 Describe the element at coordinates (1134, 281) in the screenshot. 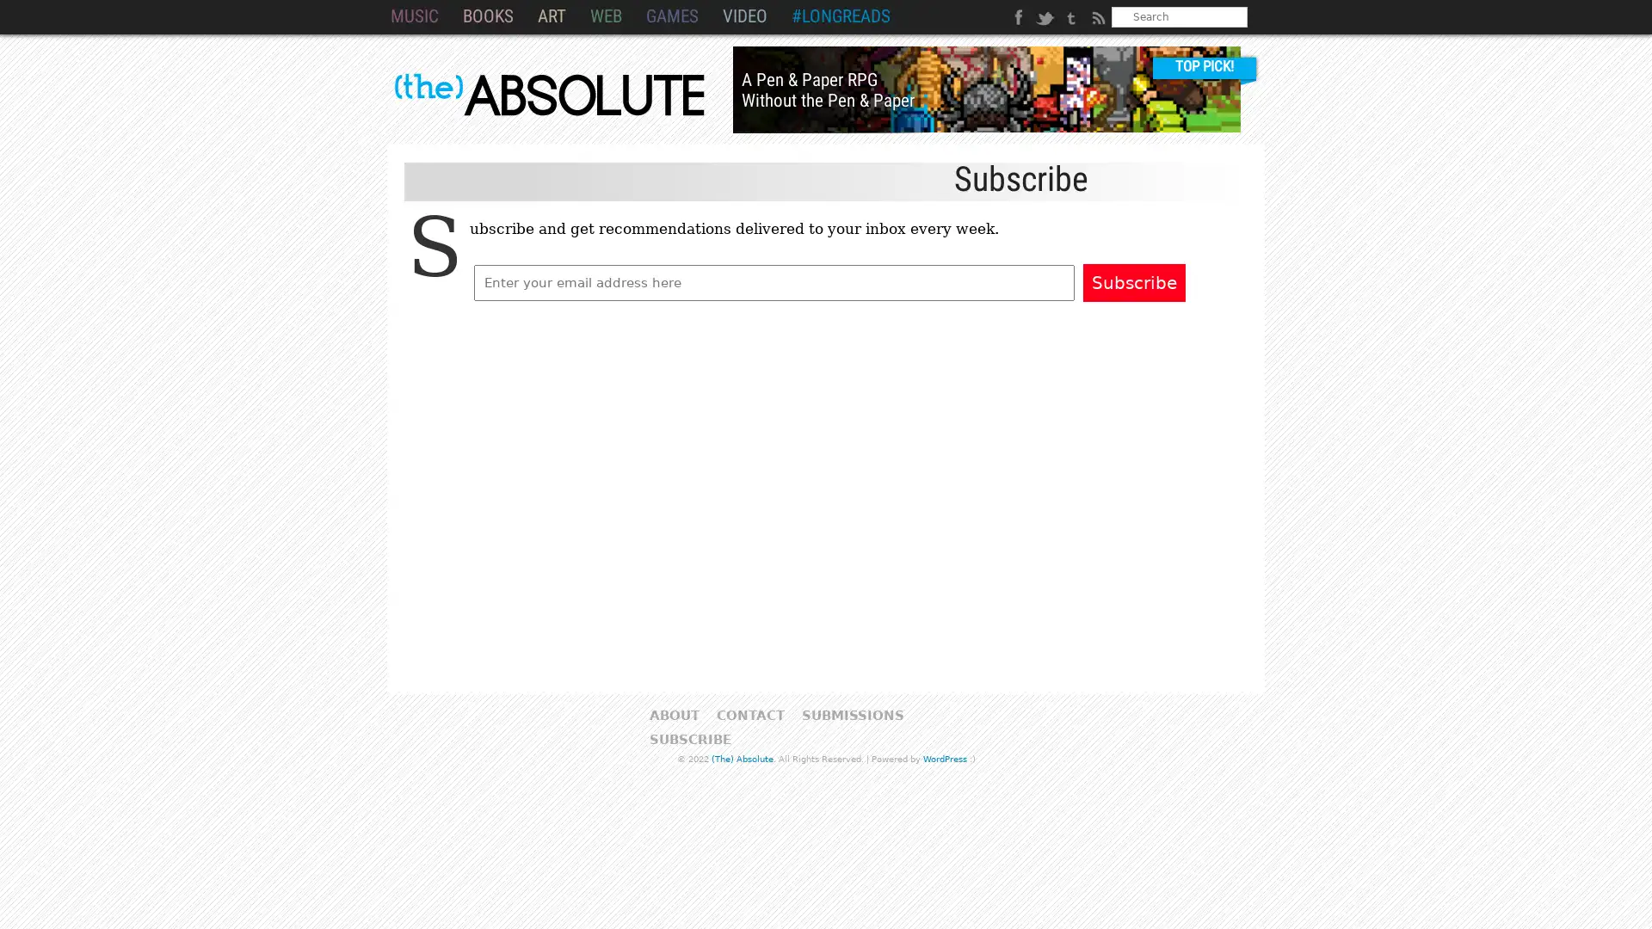

I see `Subscribe` at that location.